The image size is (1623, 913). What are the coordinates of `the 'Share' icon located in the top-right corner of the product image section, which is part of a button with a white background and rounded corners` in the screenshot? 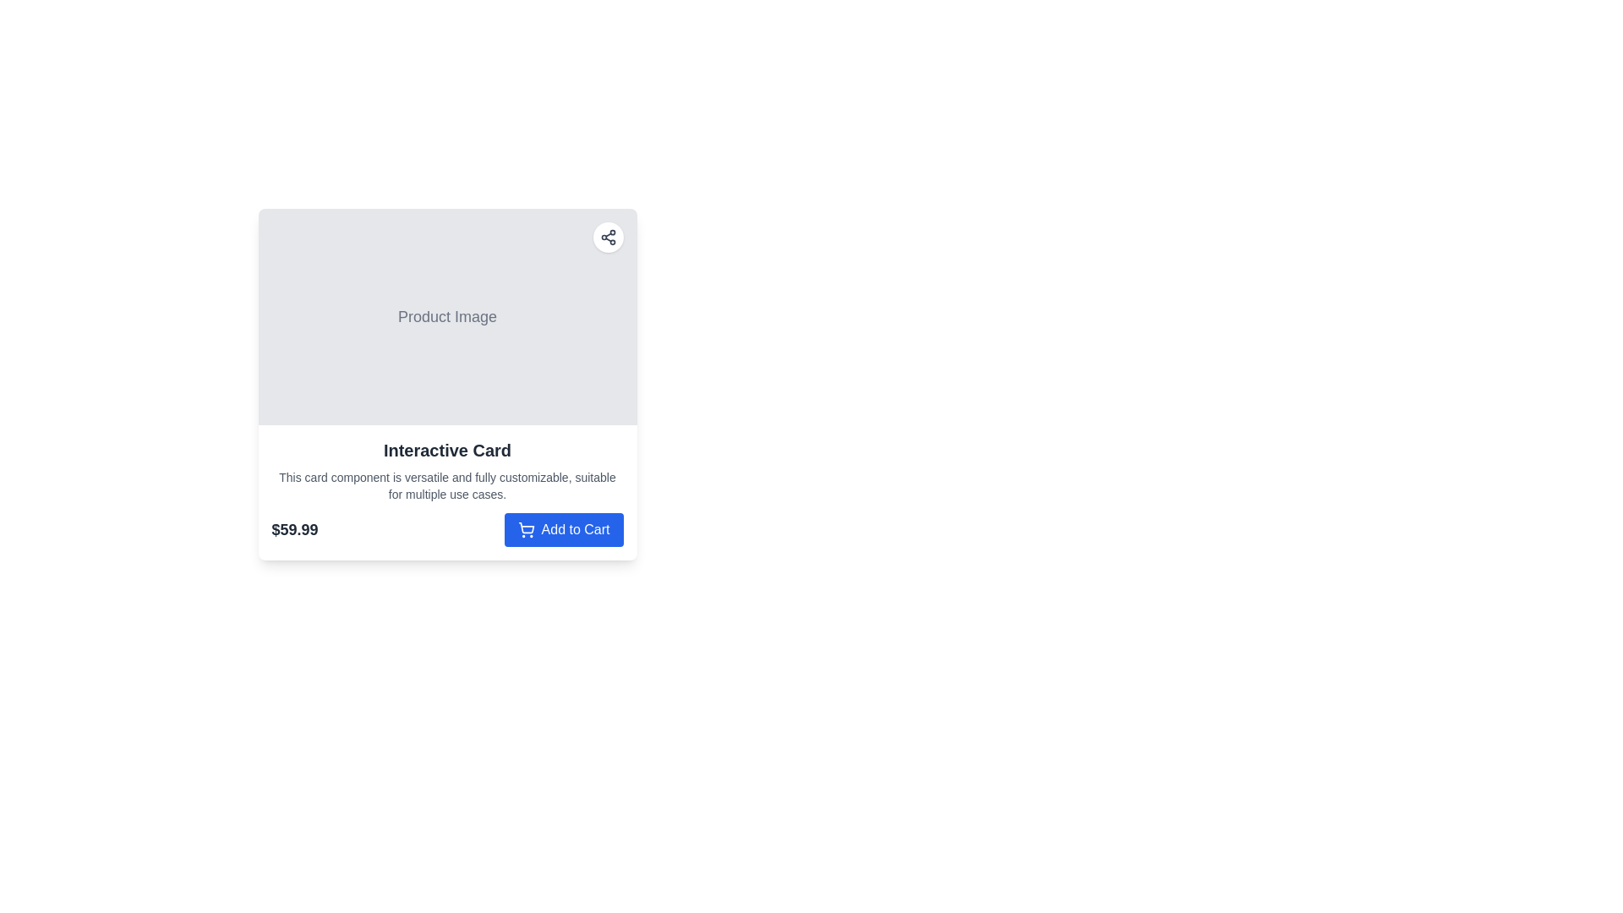 It's located at (608, 238).